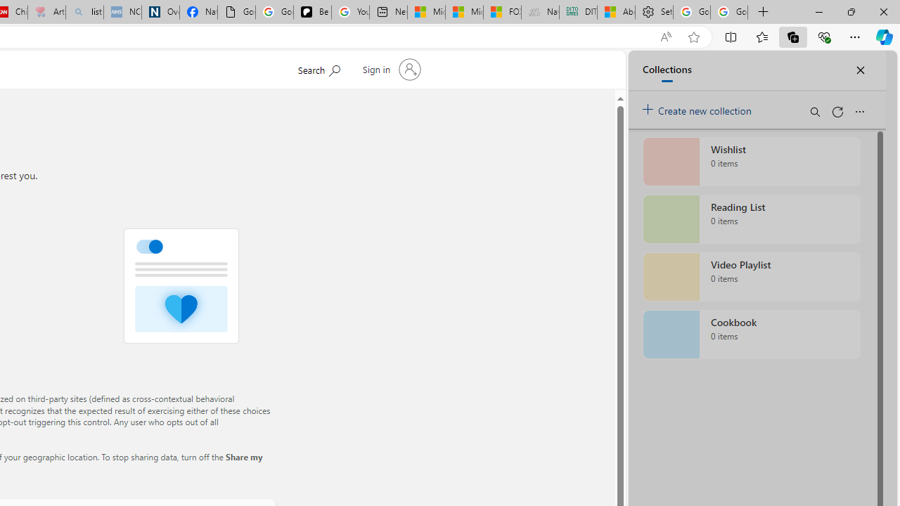 The image size is (900, 506). What do you see at coordinates (390, 70) in the screenshot?
I see `'Sign in to your account'` at bounding box center [390, 70].